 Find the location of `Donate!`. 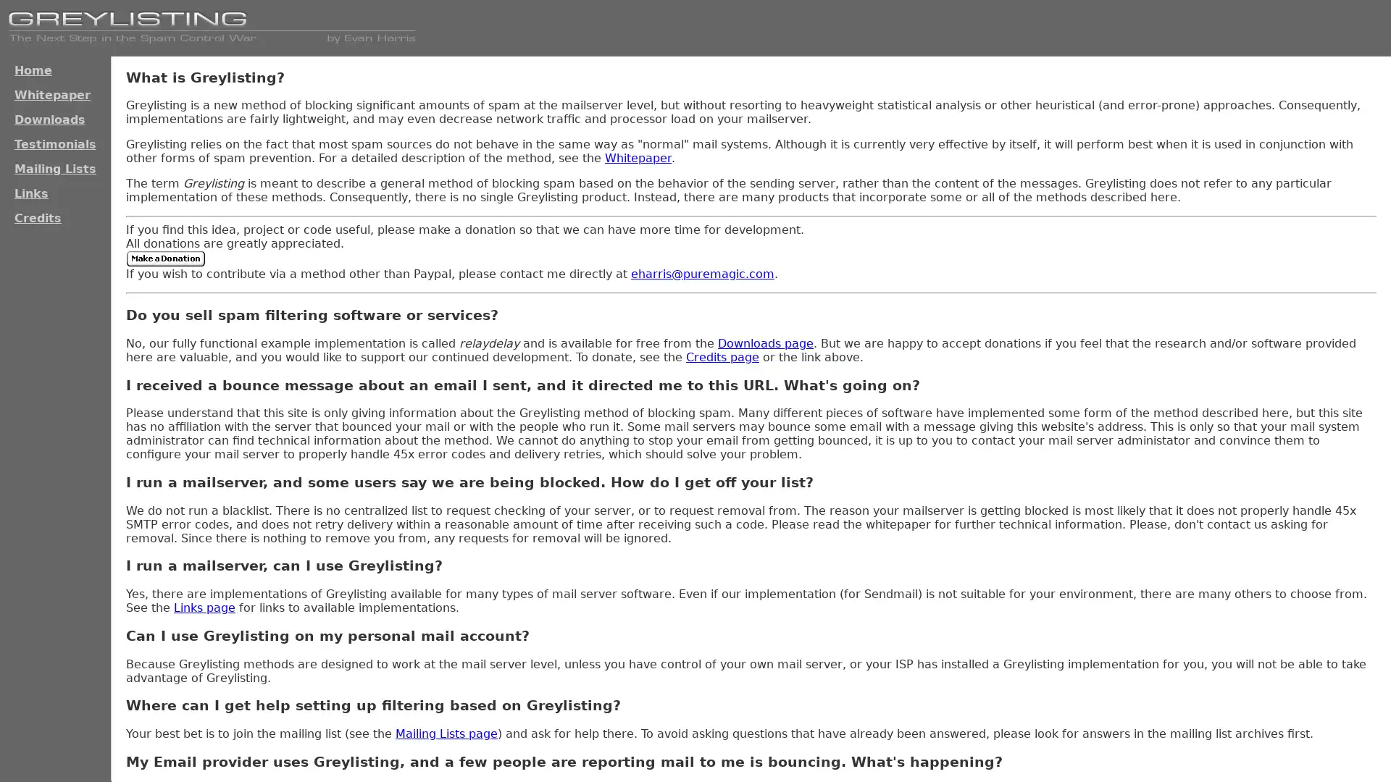

Donate! is located at coordinates (166, 258).